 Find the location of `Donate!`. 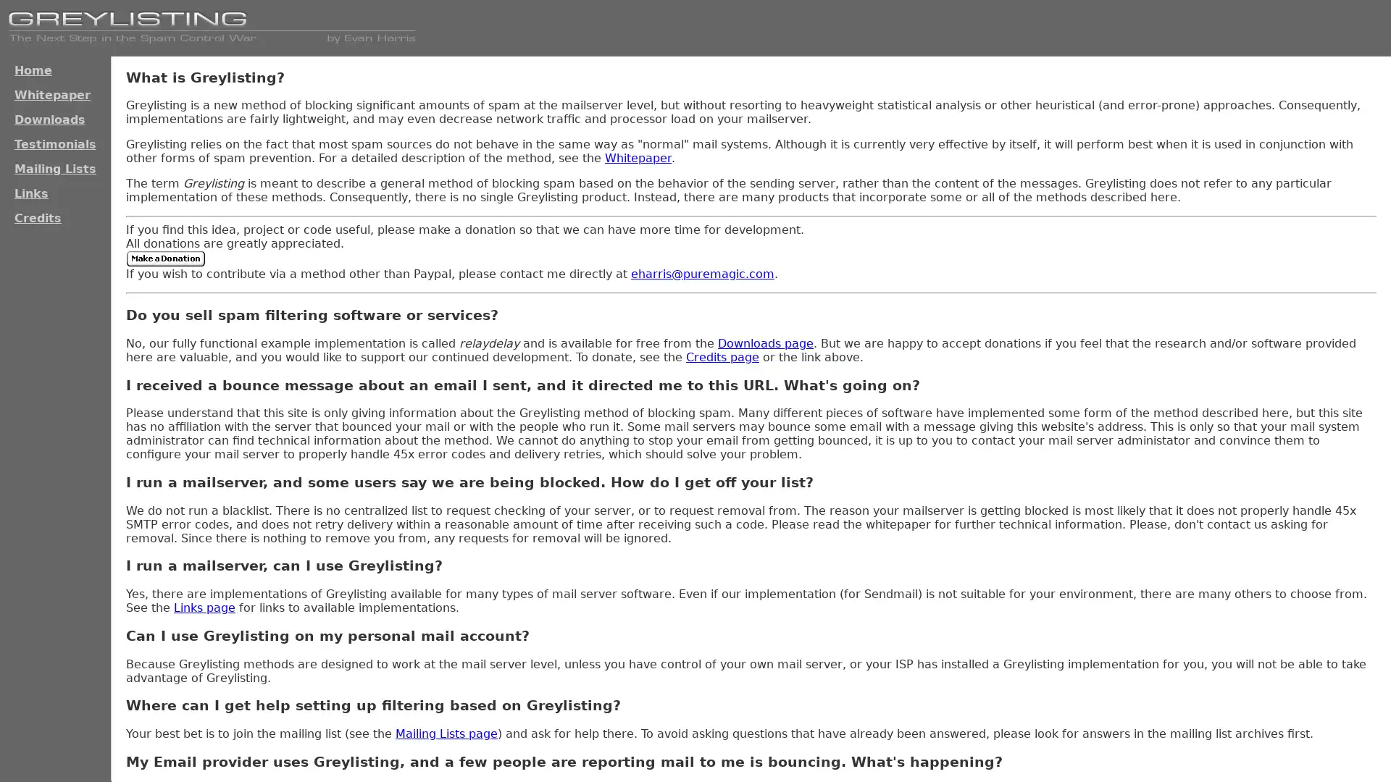

Donate! is located at coordinates (166, 258).